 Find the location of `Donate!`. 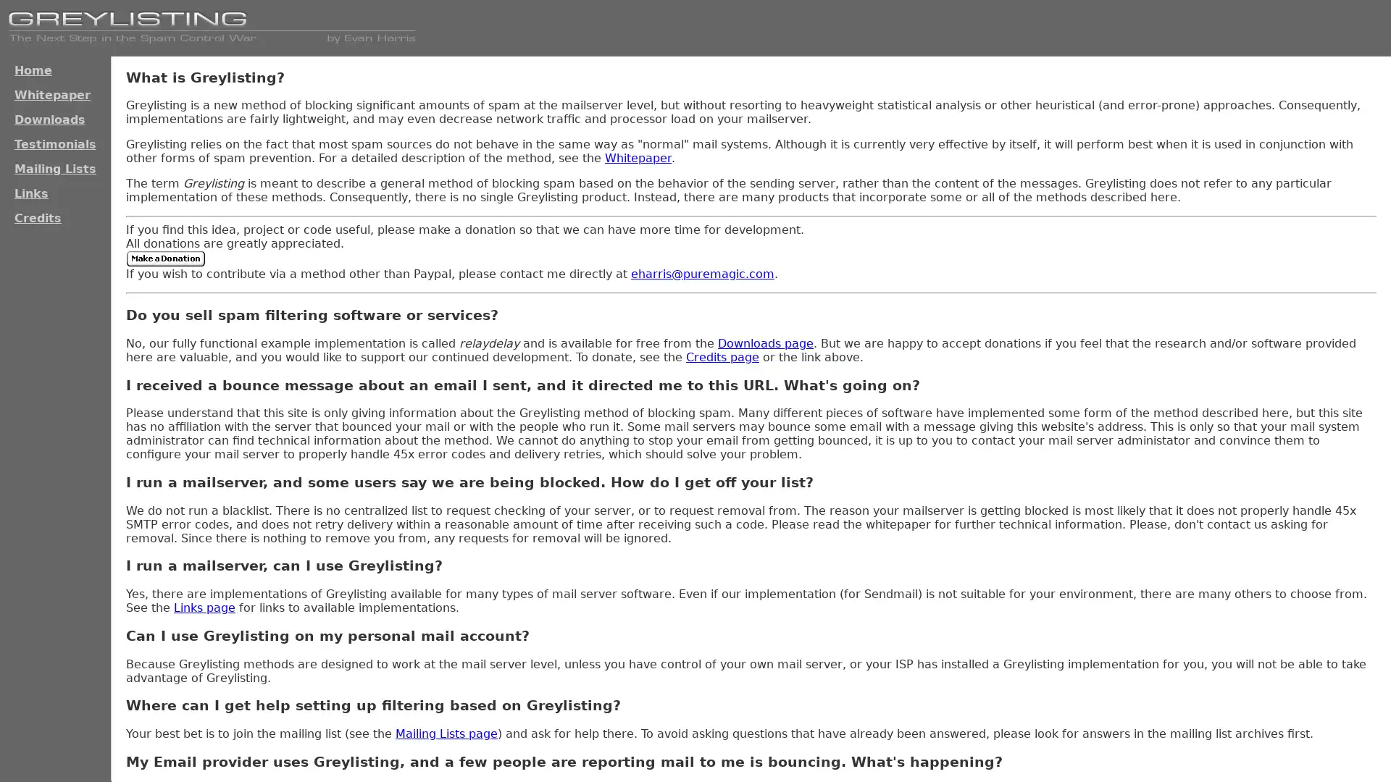

Donate! is located at coordinates (166, 258).